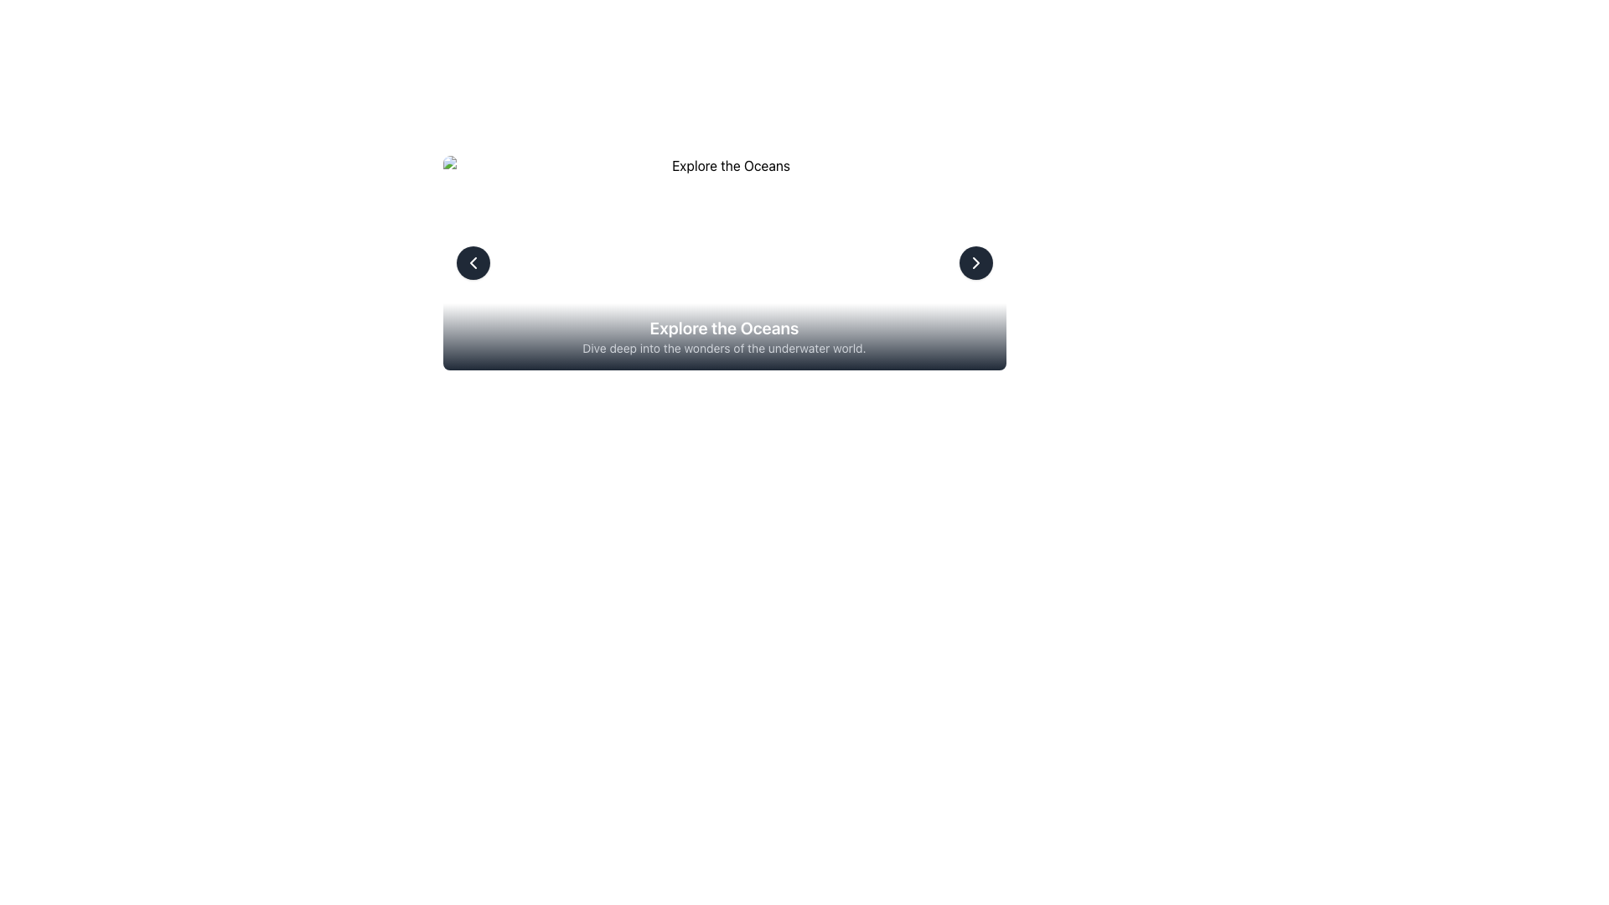  What do you see at coordinates (472, 262) in the screenshot?
I see `the left-facing navigation chevron icon` at bounding box center [472, 262].